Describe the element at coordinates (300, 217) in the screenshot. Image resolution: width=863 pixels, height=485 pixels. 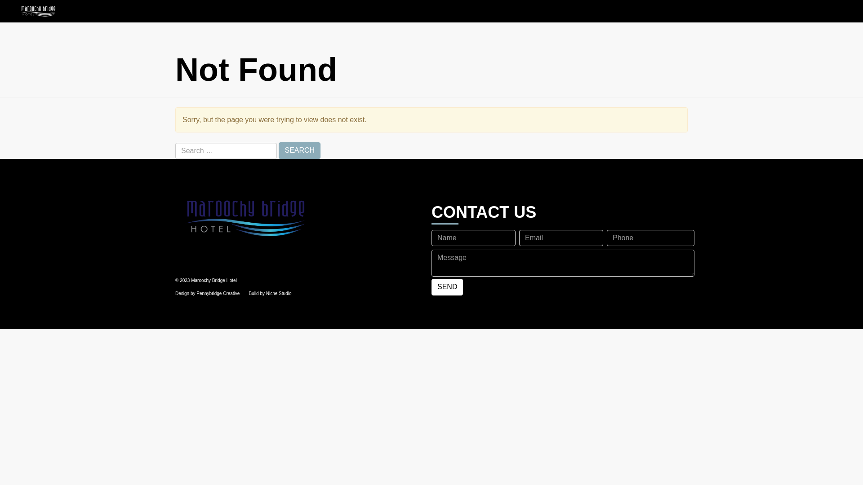
I see `'Maroochy Bridge Hotel'` at that location.